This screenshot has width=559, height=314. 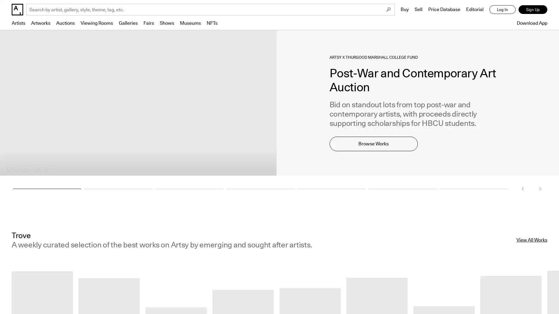 I want to click on Navigate right, so click(x=539, y=188).